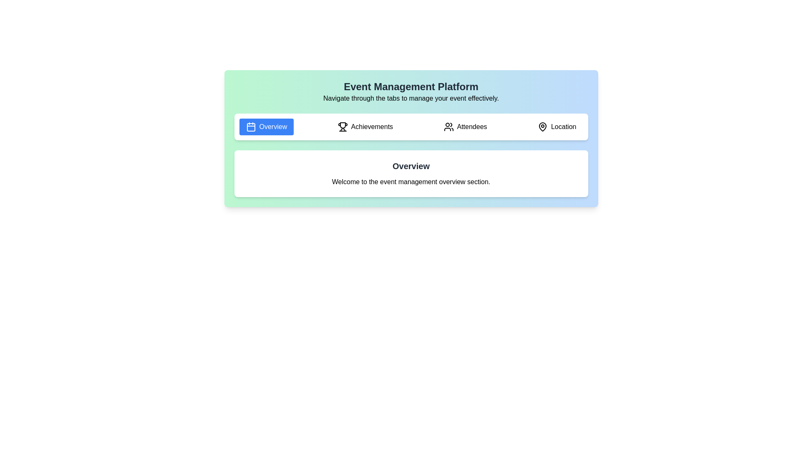  I want to click on the leftmost button in the navigation bar, so click(266, 127).